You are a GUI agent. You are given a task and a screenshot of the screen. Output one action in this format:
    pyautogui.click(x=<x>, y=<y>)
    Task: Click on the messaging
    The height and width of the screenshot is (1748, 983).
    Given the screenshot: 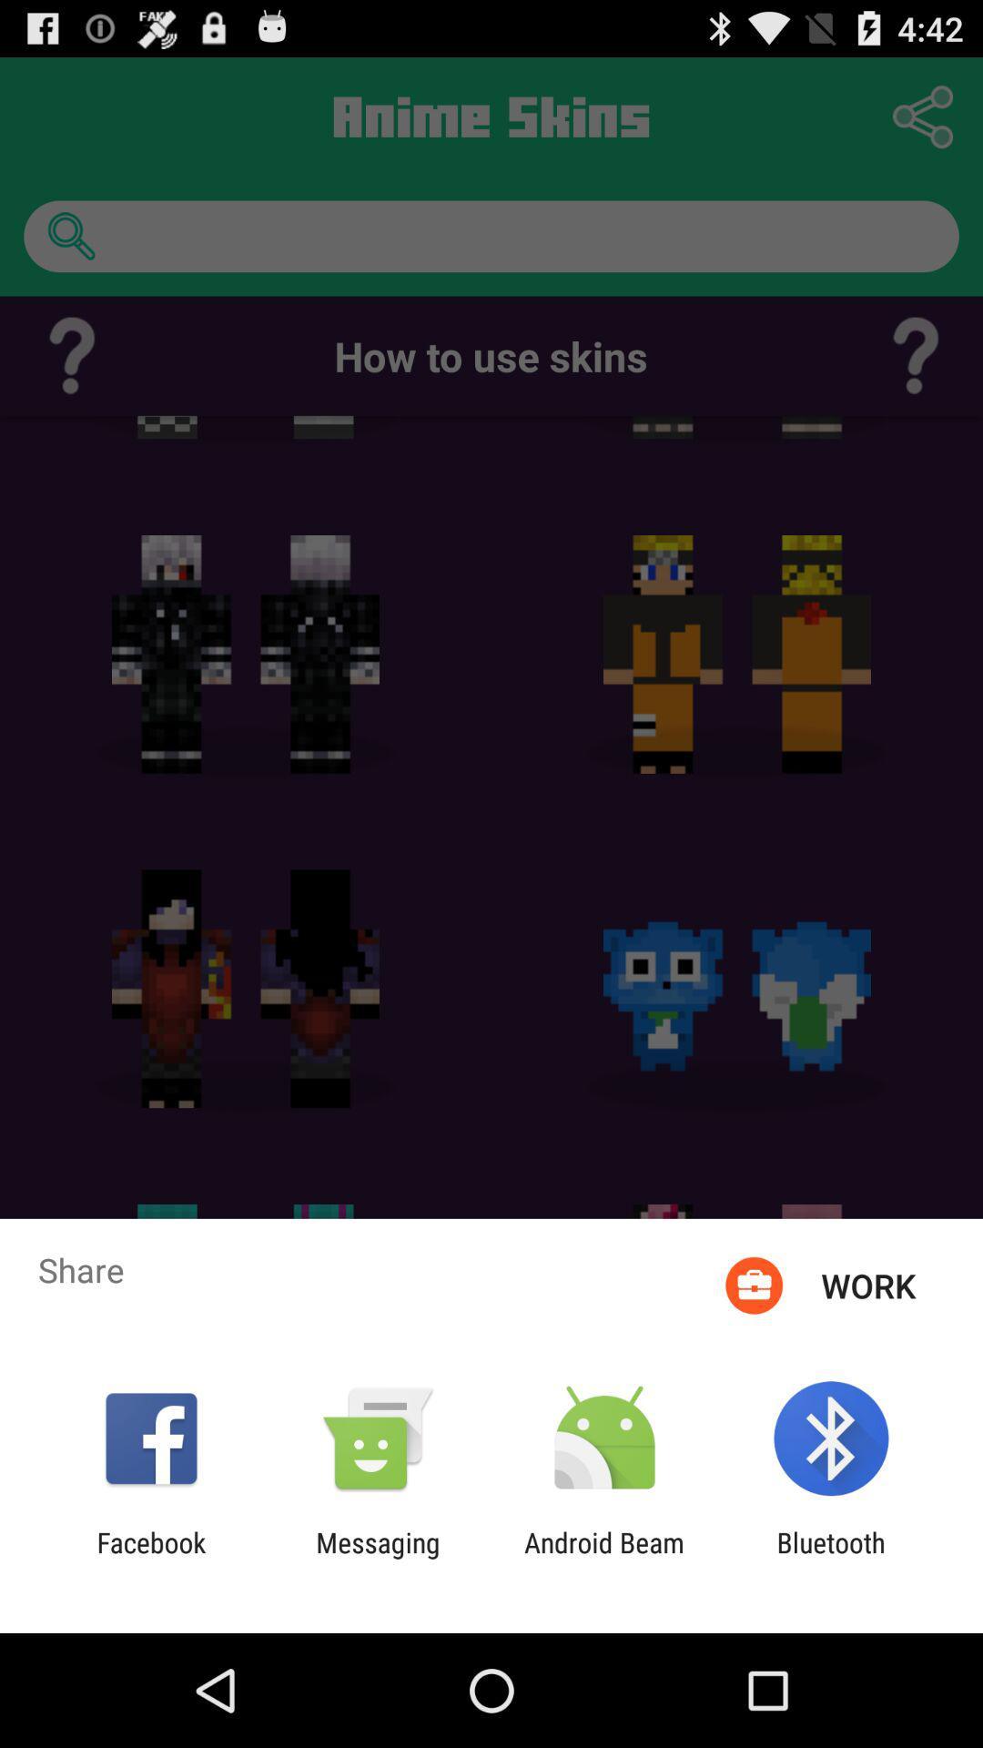 What is the action you would take?
    pyautogui.click(x=377, y=1558)
    